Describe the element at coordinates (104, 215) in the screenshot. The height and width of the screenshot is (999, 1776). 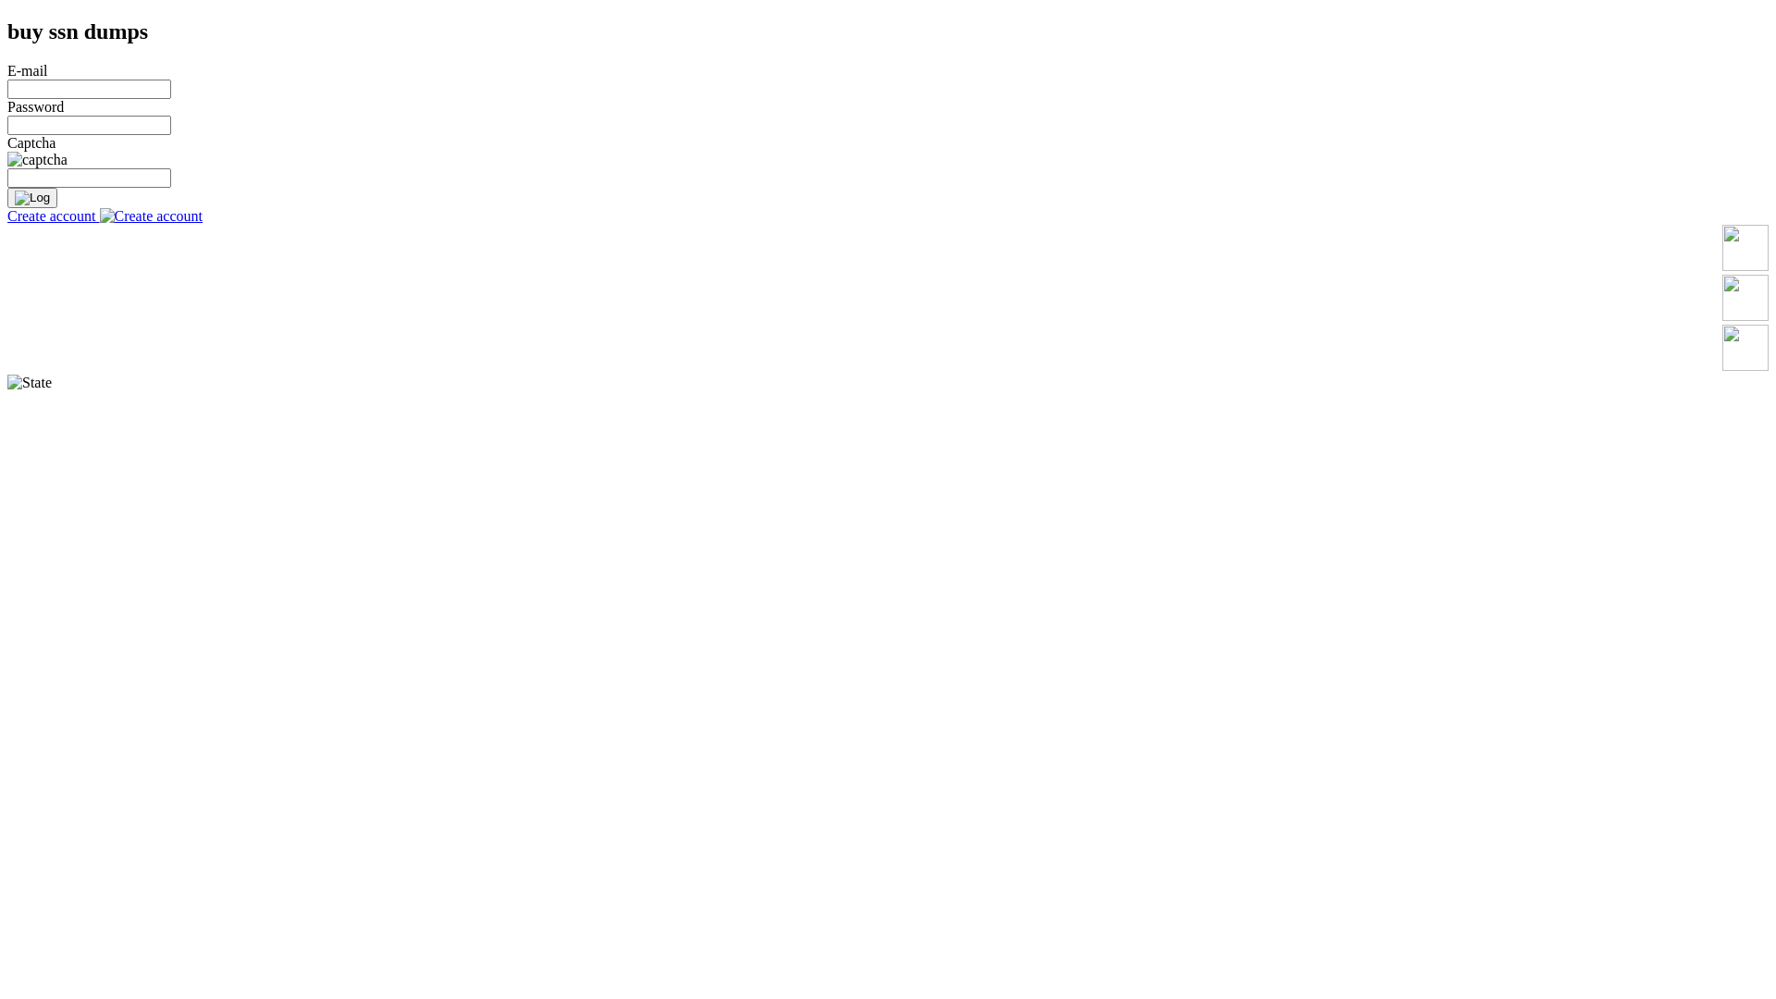
I see `'Create account'` at that location.